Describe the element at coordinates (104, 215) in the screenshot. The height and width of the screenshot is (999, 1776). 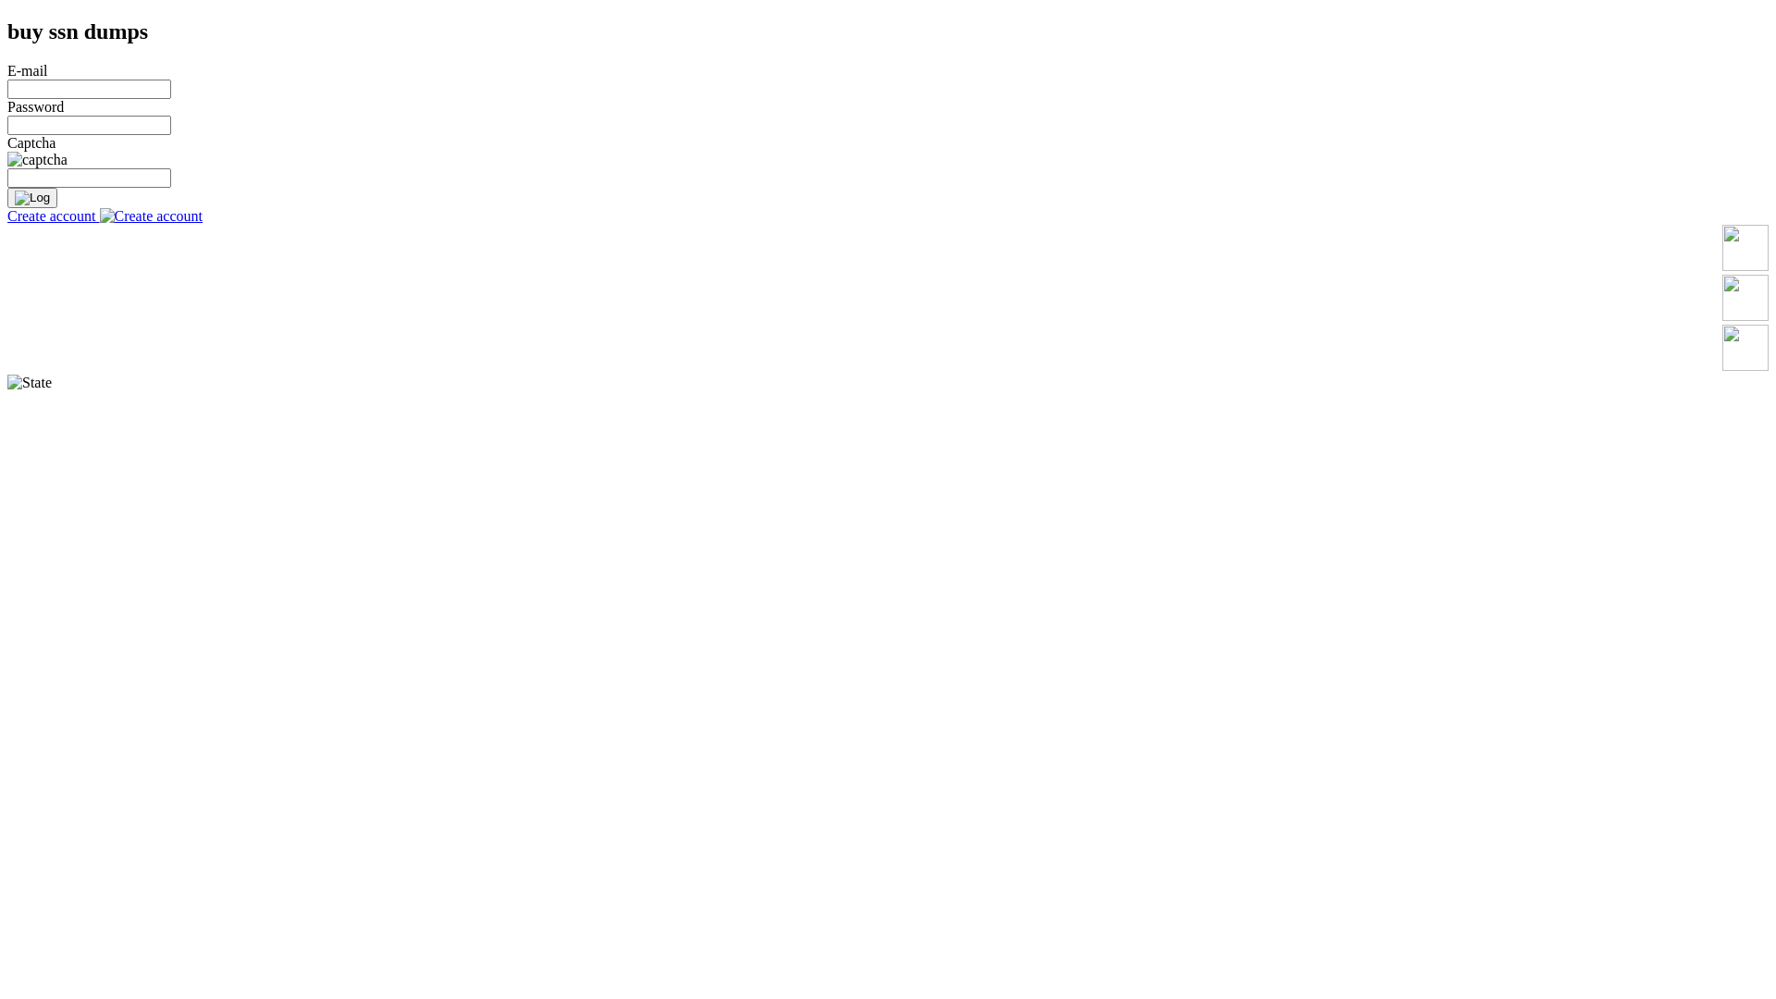
I see `'Create account'` at that location.